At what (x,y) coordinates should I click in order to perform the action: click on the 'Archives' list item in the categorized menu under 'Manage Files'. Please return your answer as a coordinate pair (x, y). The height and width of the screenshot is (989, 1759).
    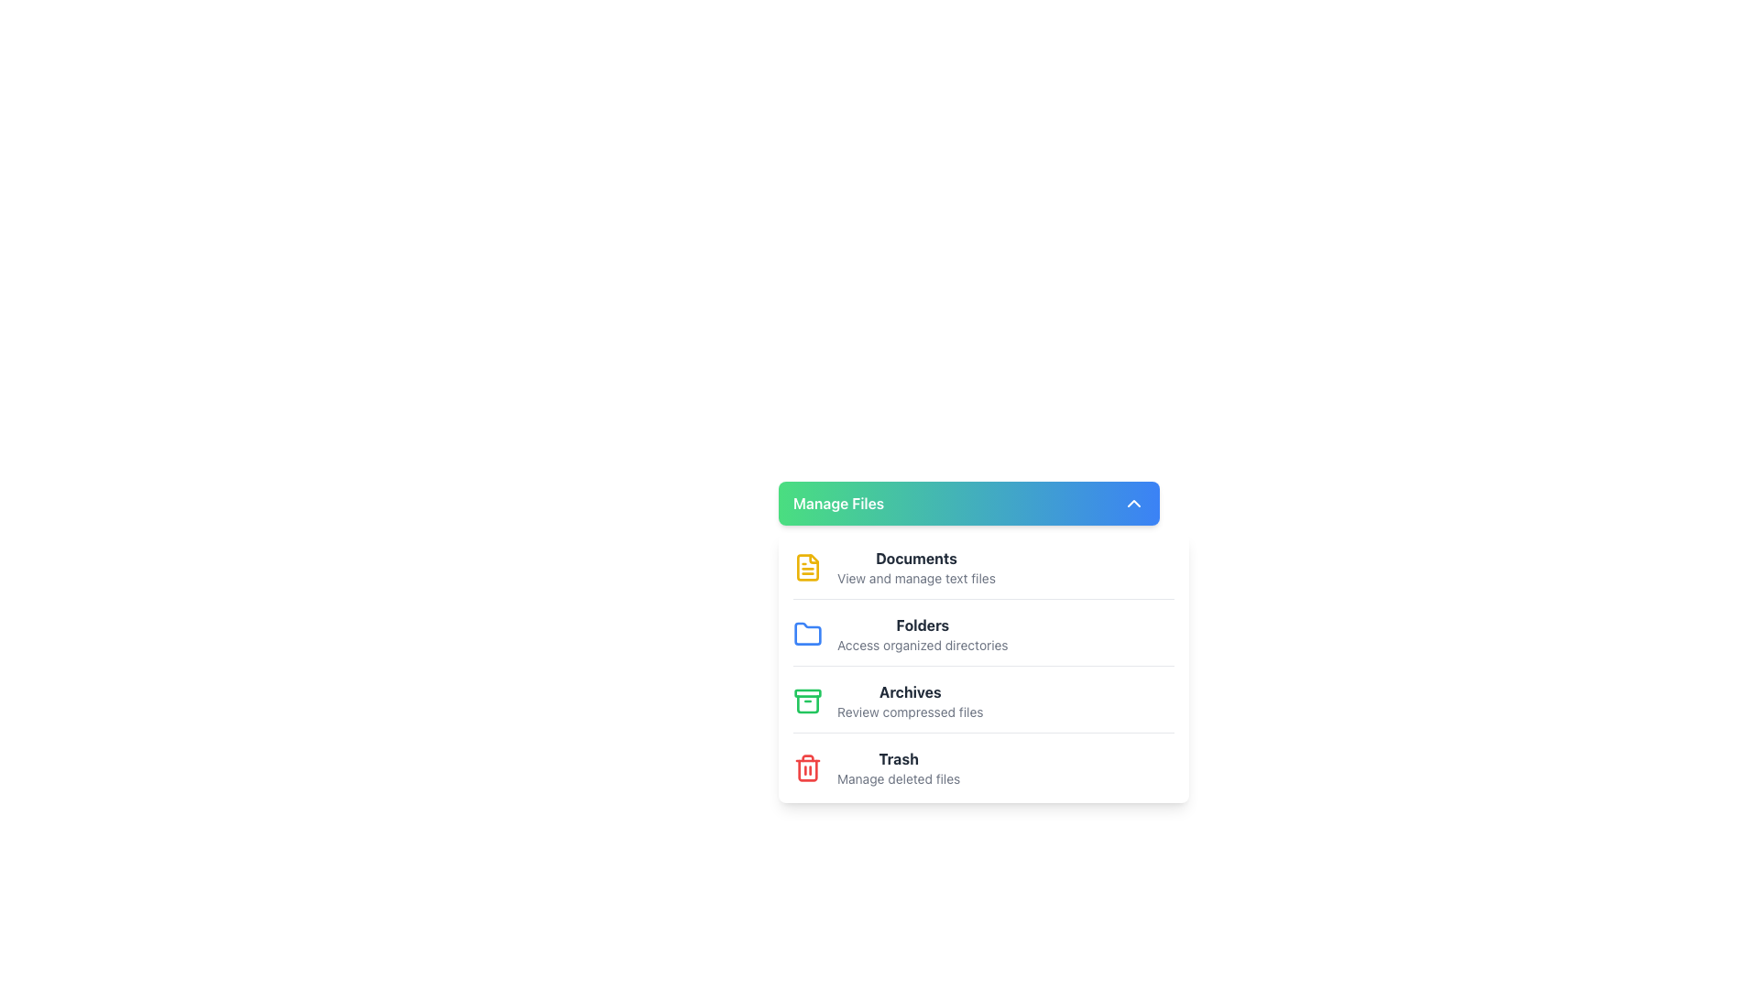
    Looking at the image, I should click on (983, 706).